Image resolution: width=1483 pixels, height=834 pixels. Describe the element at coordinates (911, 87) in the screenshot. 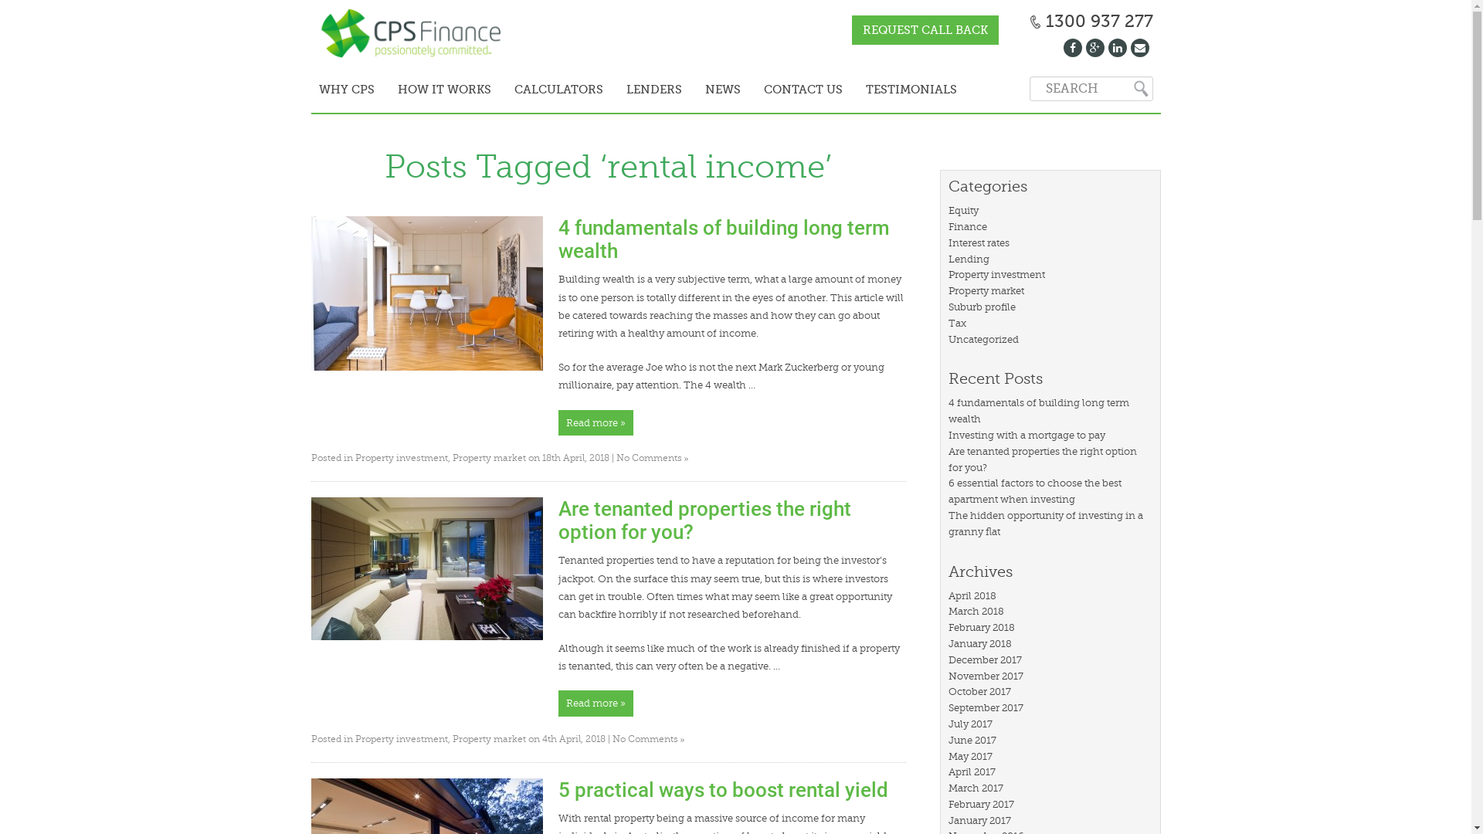

I see `'TESTIMONIALS'` at that location.